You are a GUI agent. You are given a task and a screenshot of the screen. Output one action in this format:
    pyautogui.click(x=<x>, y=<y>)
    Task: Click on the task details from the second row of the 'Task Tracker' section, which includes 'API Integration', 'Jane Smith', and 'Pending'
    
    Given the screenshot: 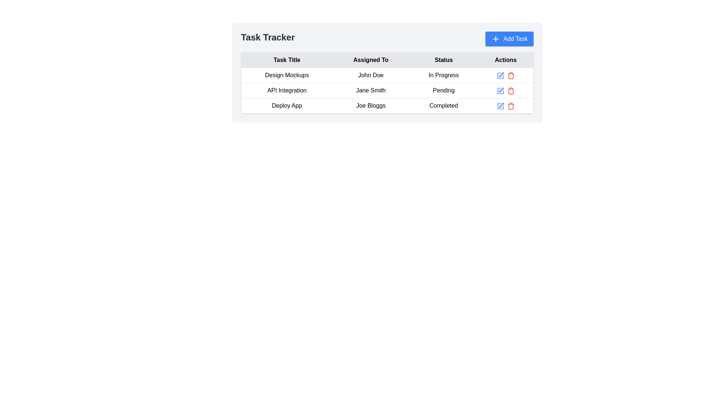 What is the action you would take?
    pyautogui.click(x=387, y=90)
    